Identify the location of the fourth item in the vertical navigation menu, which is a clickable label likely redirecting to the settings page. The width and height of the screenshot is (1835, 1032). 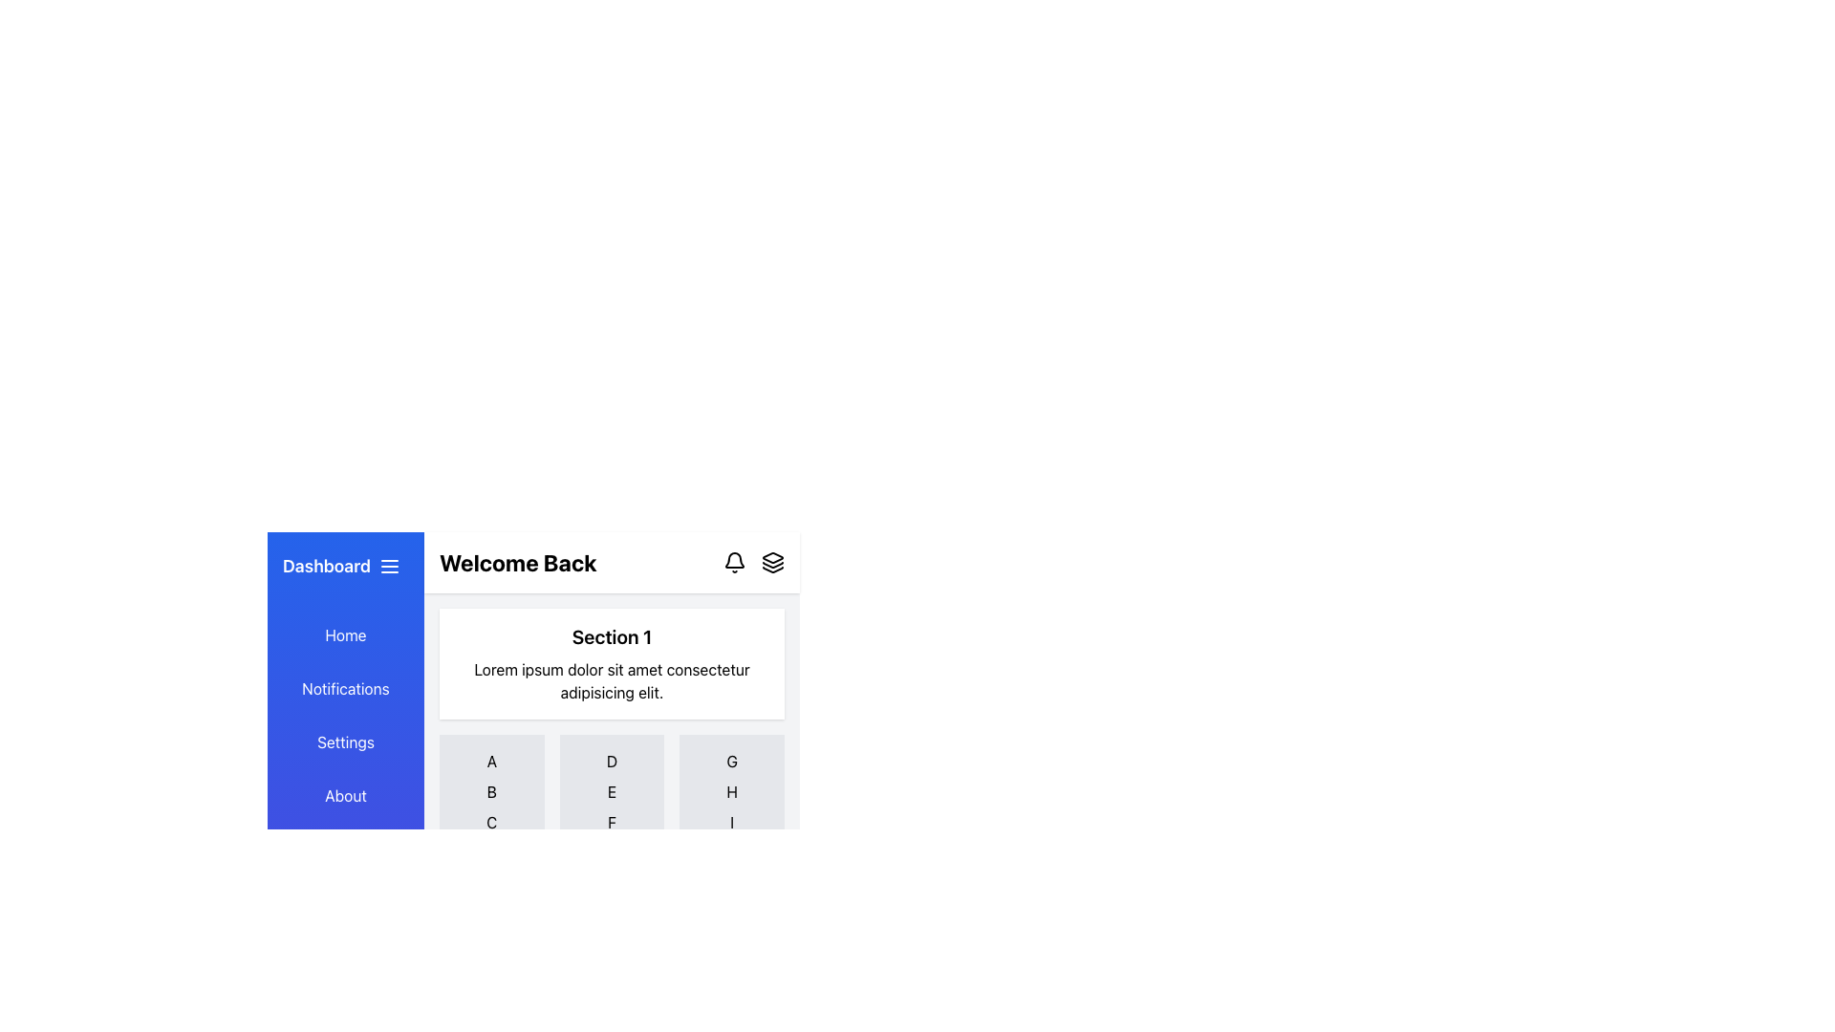
(345, 741).